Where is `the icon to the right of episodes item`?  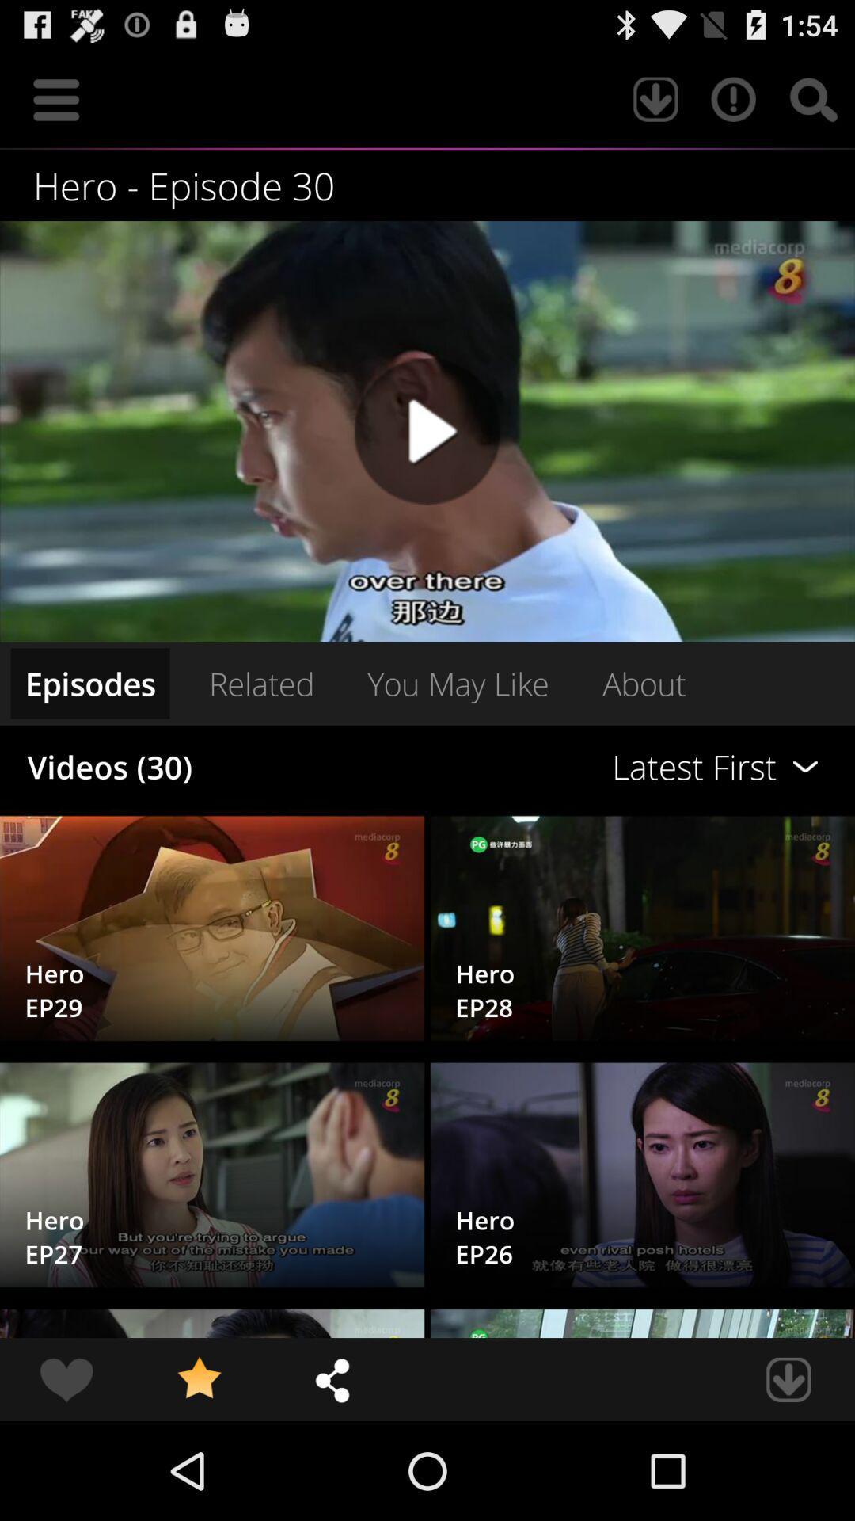
the icon to the right of episodes item is located at coordinates (260, 683).